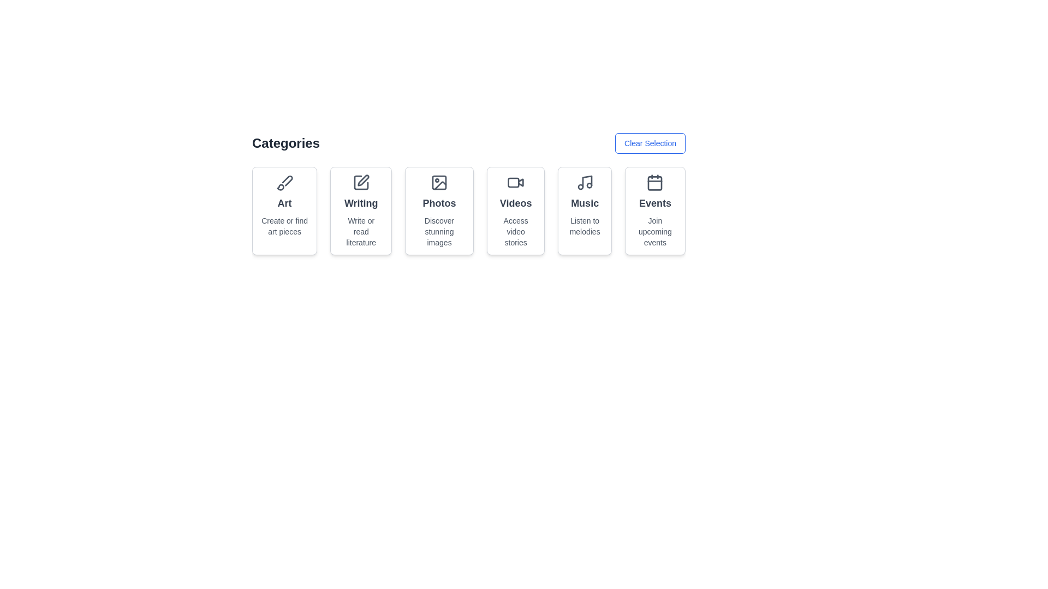 The width and height of the screenshot is (1048, 589). I want to click on the text label that says 'Discover stunning images', which is located below the title 'Photos' in the third card of the horizontally arranged series of cards, so click(439, 231).